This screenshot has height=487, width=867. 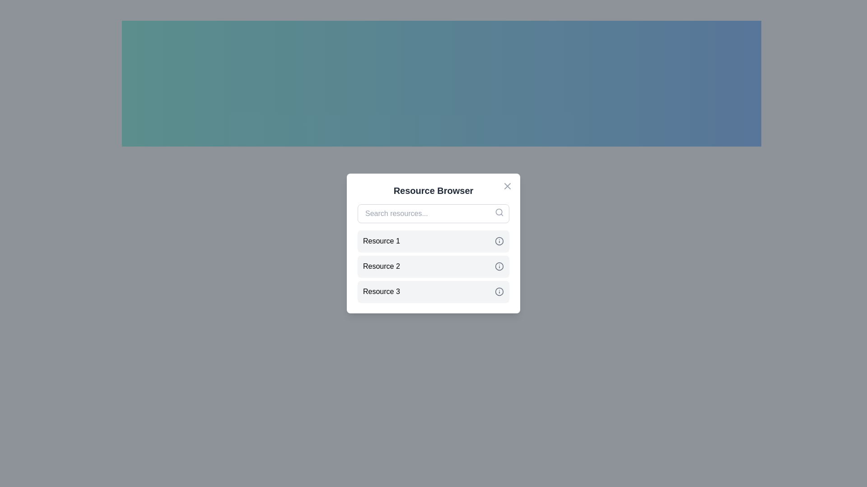 I want to click on the inner circle element of the SVG icon located to the right of the 'Resource 2' label in the 'Resource Browser' modal dialog, so click(x=499, y=266).